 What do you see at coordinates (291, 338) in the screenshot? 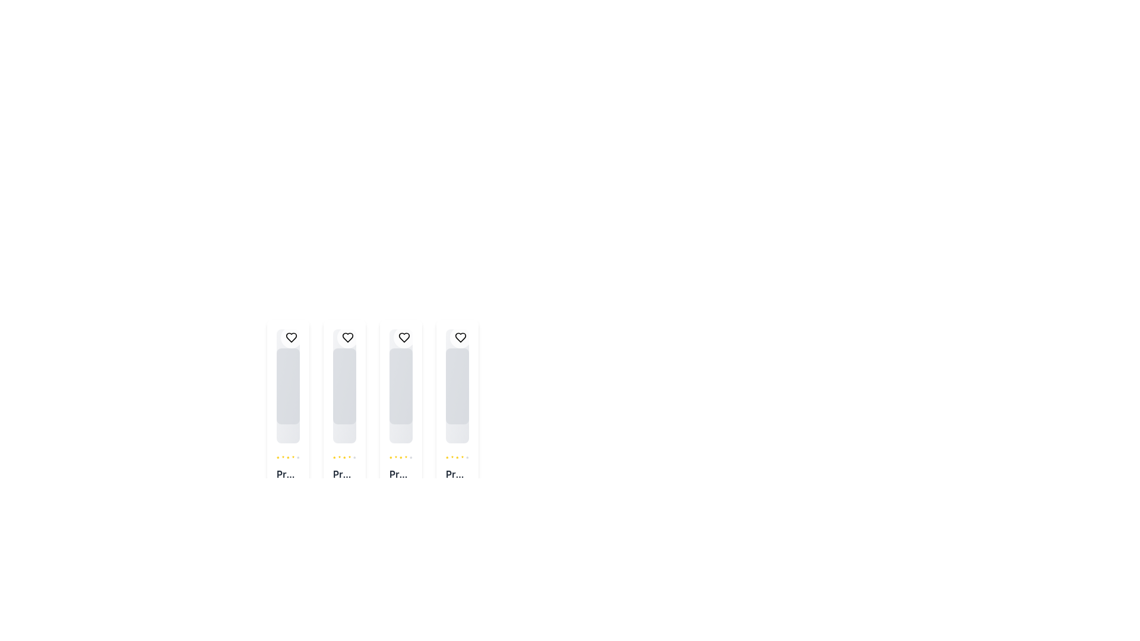
I see `the 'like' or 'favorite' icon located at the top region of the first button in a horizontally aligned list, positioned in the leftmost section of the row in the lower part of the interface` at bounding box center [291, 338].